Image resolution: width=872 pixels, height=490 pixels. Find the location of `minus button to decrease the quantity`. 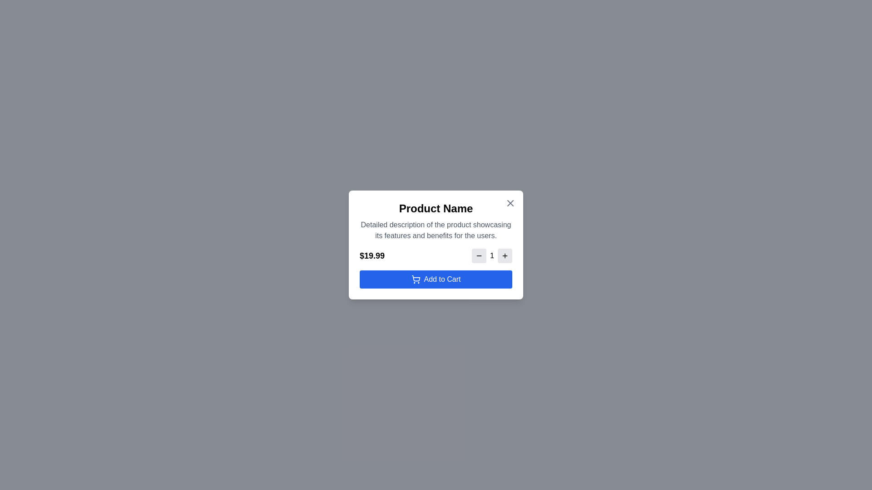

minus button to decrease the quantity is located at coordinates (479, 255).